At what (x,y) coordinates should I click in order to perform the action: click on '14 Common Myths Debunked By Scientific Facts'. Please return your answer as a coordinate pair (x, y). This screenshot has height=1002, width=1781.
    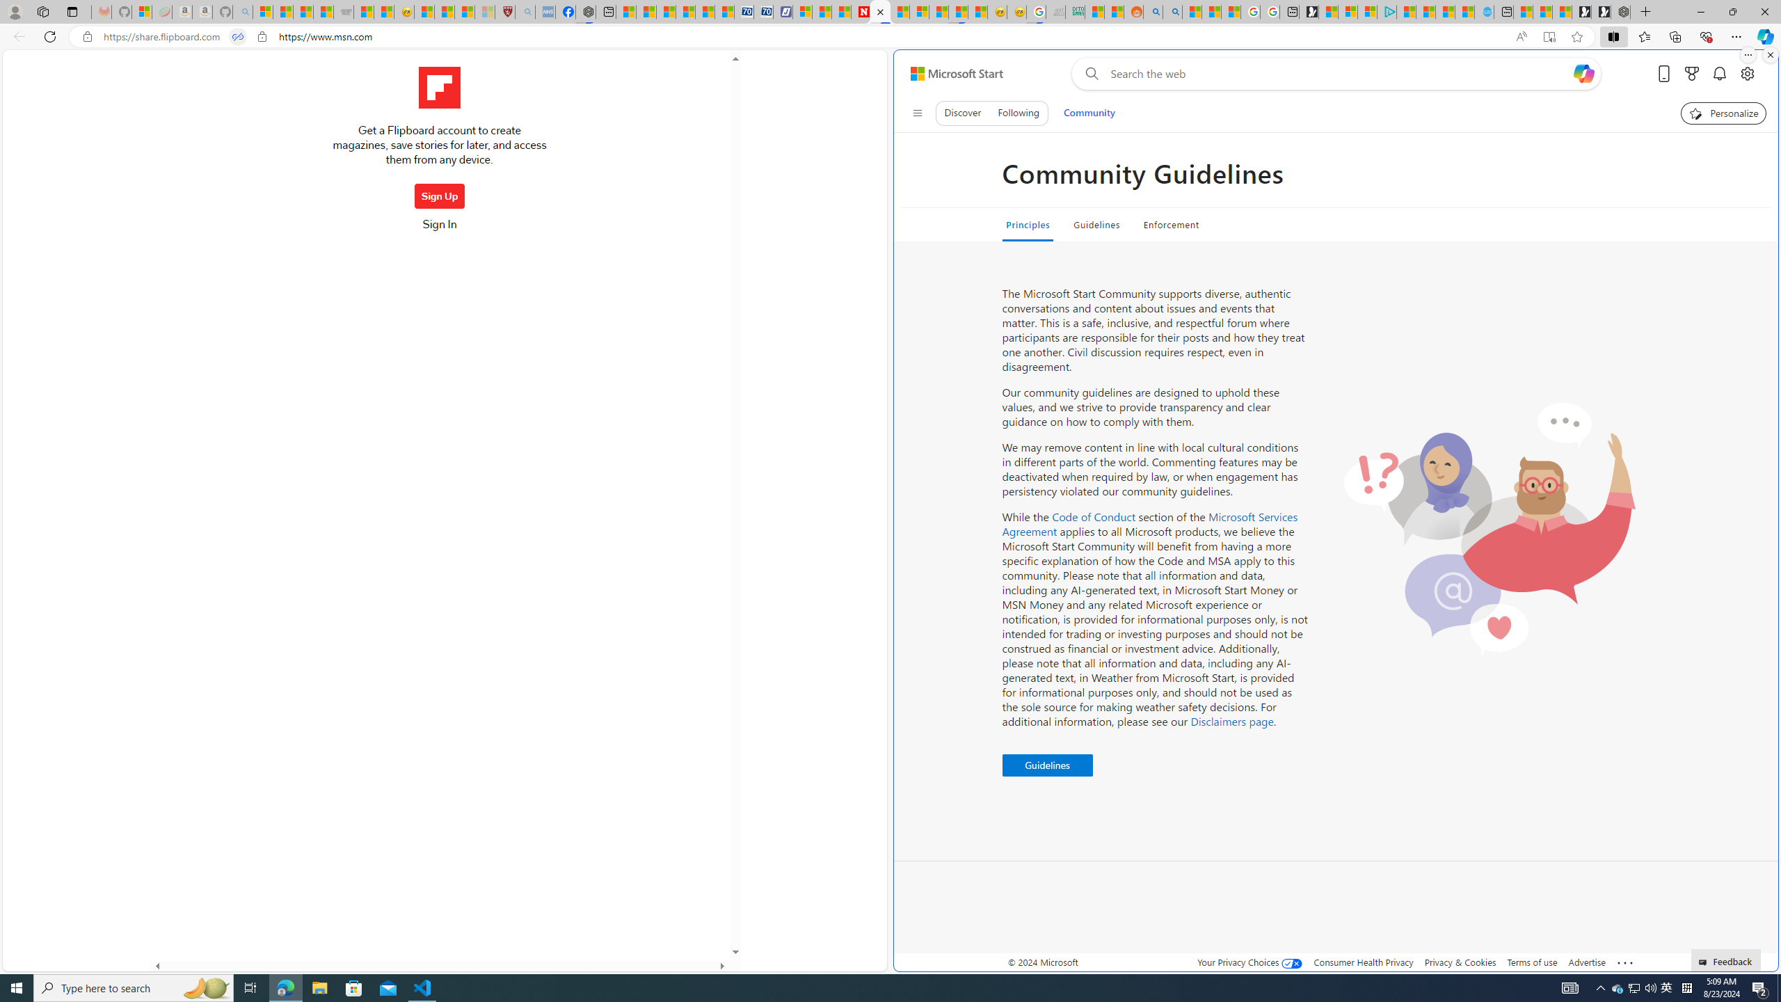
    Looking at the image, I should click on (899, 11).